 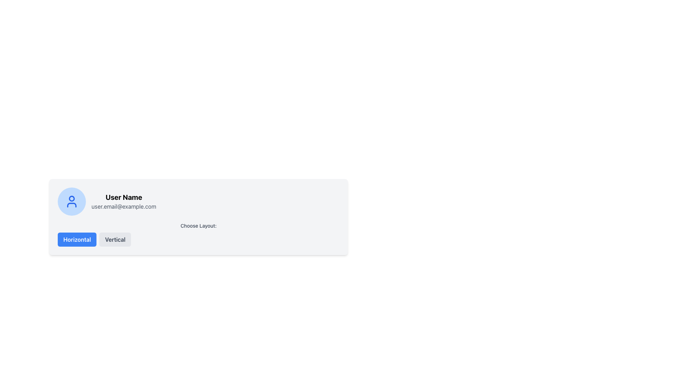 What do you see at coordinates (198, 234) in the screenshot?
I see `the Selector element which has a light gray background, containing the title 'Choose Layout:' and two buttons labeled 'Horizontal' (highlighted in blue) and 'Vertical' (gray) located at the lower part of the card component` at bounding box center [198, 234].